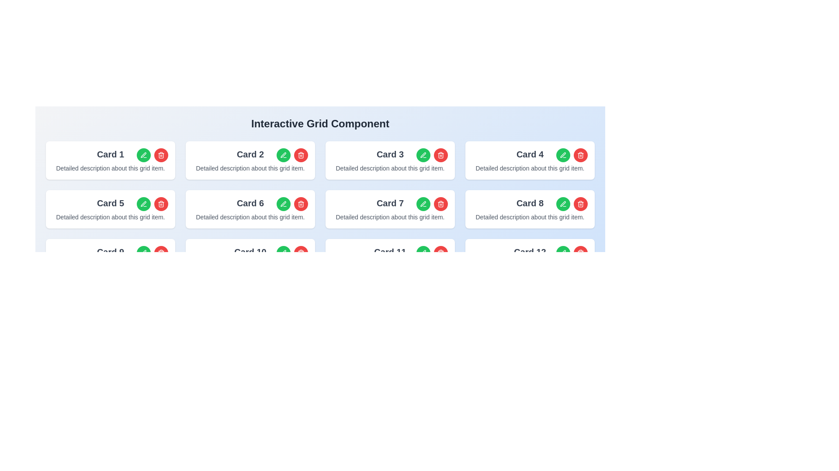  I want to click on the 'edit' button with an SVG icon located in 'Card 5' to initiate editing, so click(144, 204).